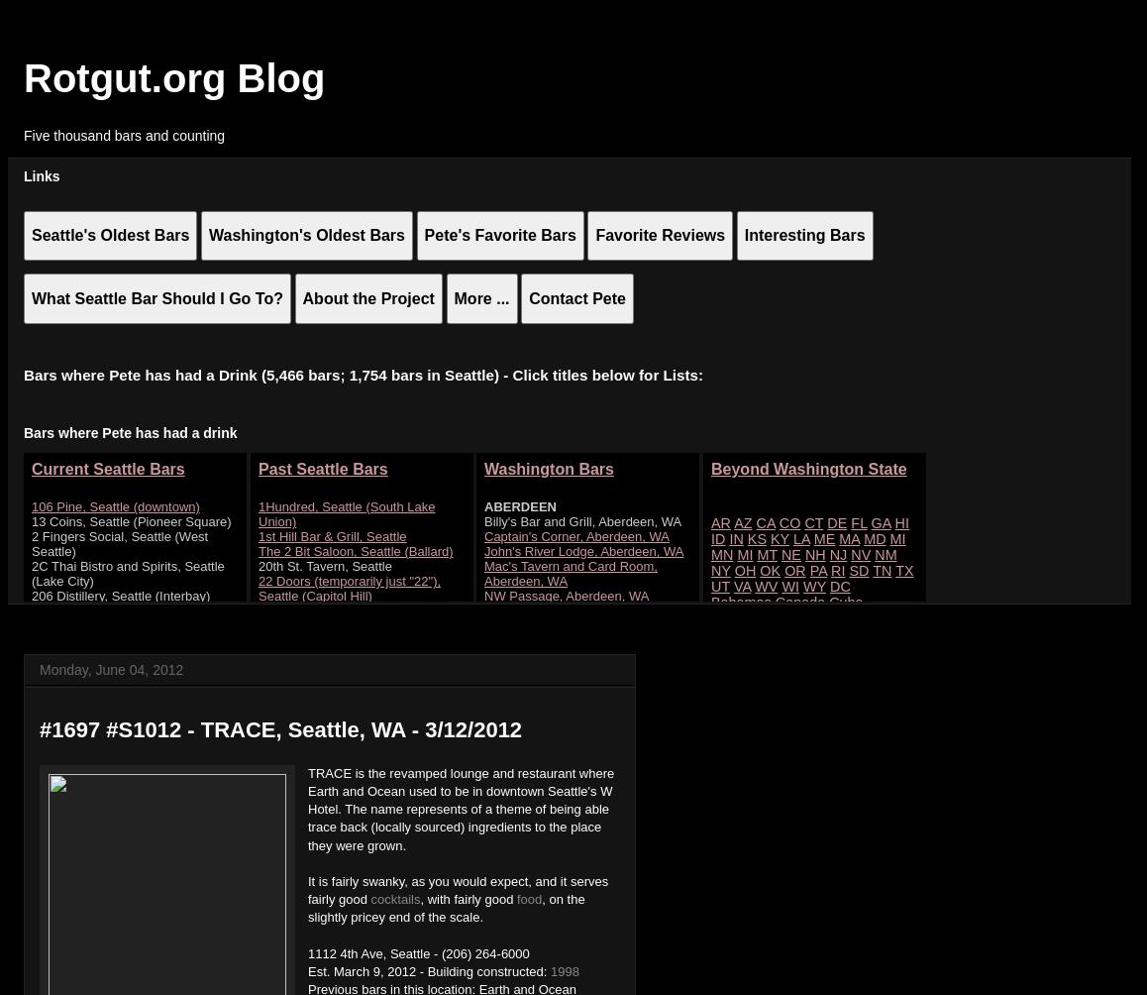 The width and height of the screenshot is (1147, 995). What do you see at coordinates (802, 234) in the screenshot?
I see `'Interesting Bars'` at bounding box center [802, 234].